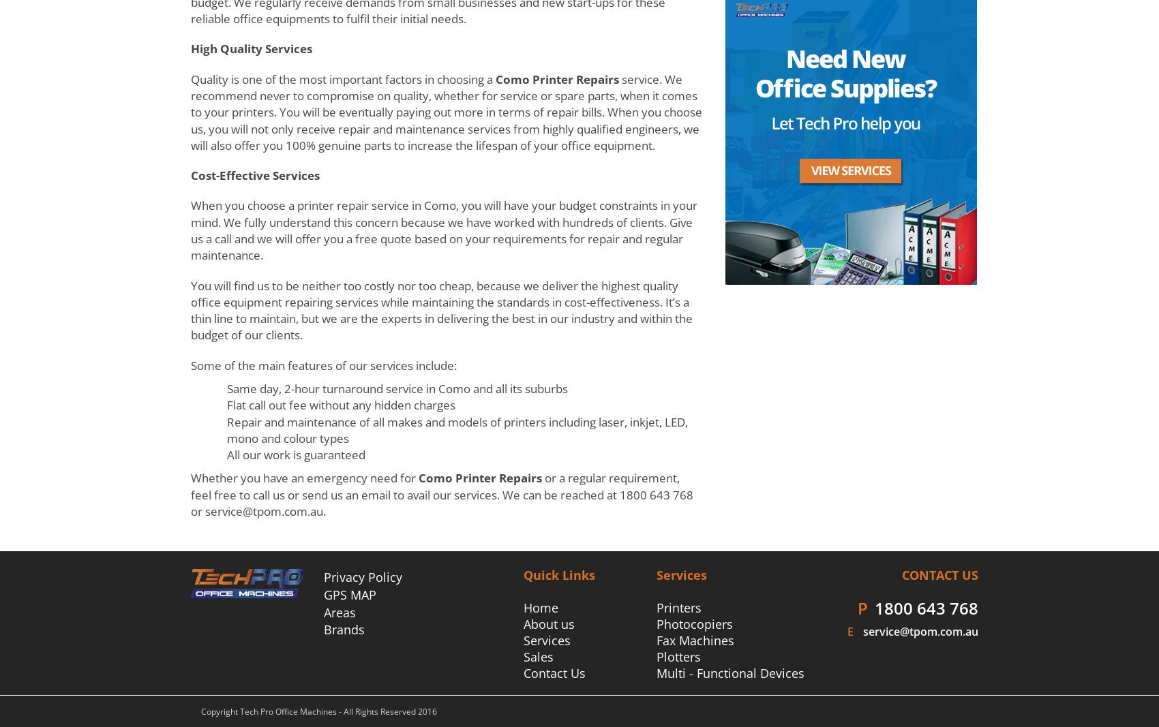 This screenshot has height=727, width=1159. I want to click on 'Flat call out fee without any hidden charges', so click(226, 405).